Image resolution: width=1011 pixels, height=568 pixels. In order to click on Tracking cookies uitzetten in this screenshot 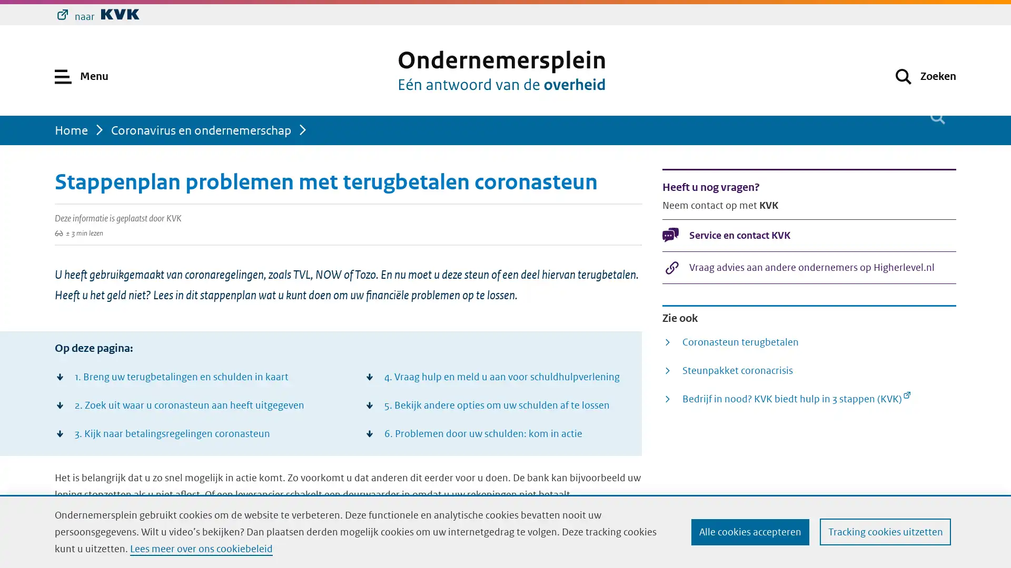, I will do `click(885, 532)`.